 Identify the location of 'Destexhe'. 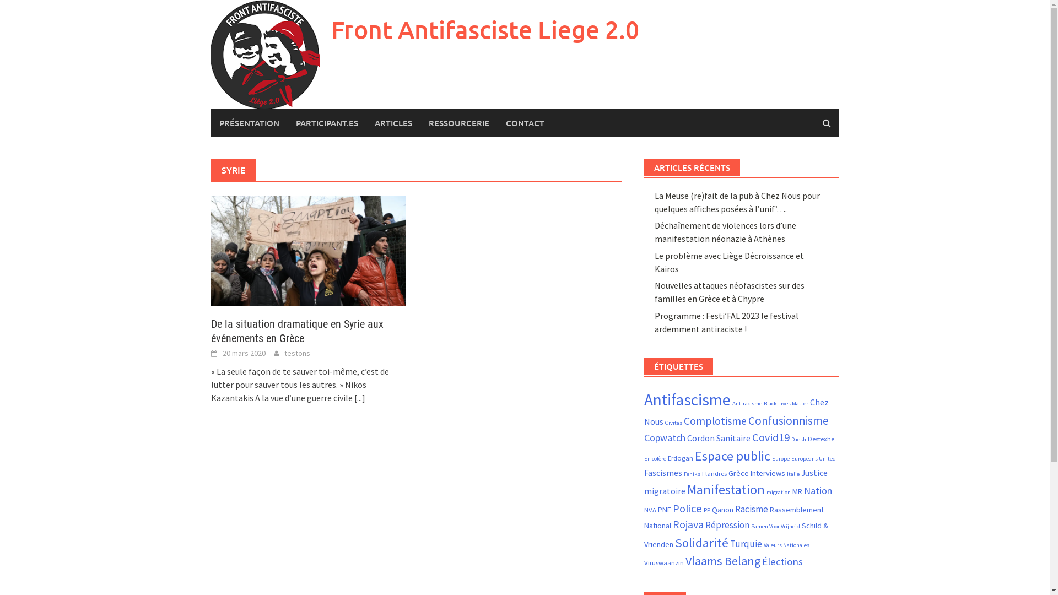
(807, 437).